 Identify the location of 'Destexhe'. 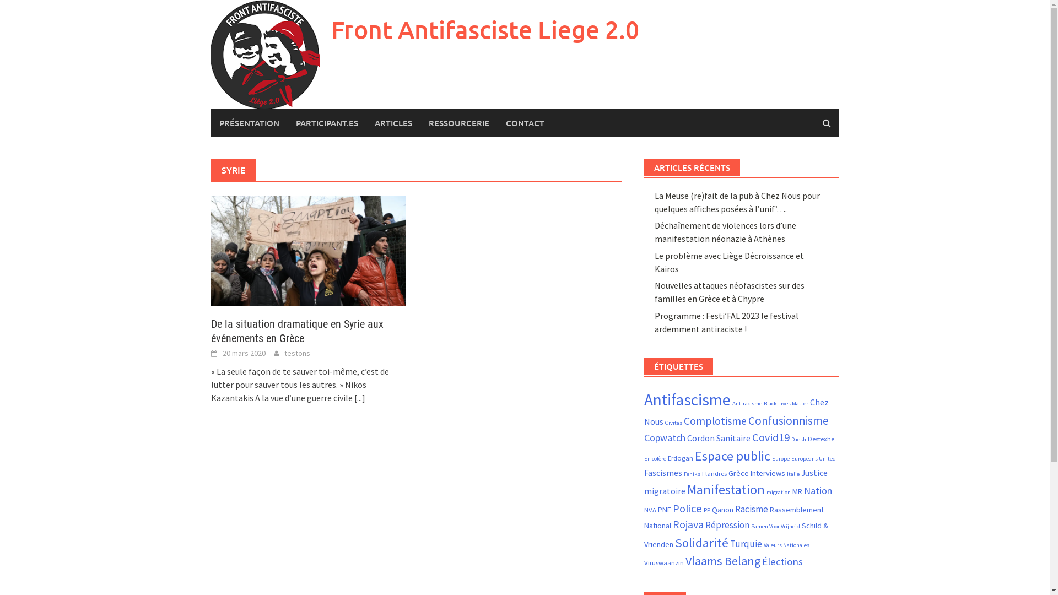
(807, 437).